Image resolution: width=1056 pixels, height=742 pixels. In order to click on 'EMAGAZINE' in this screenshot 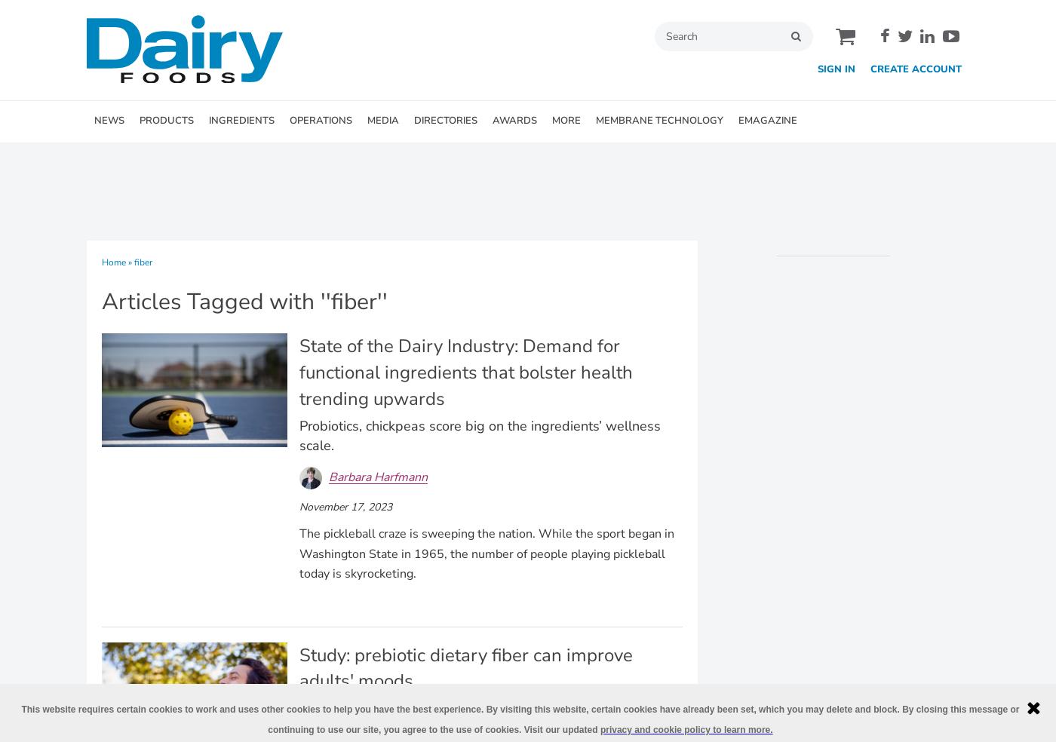, I will do `click(767, 120)`.